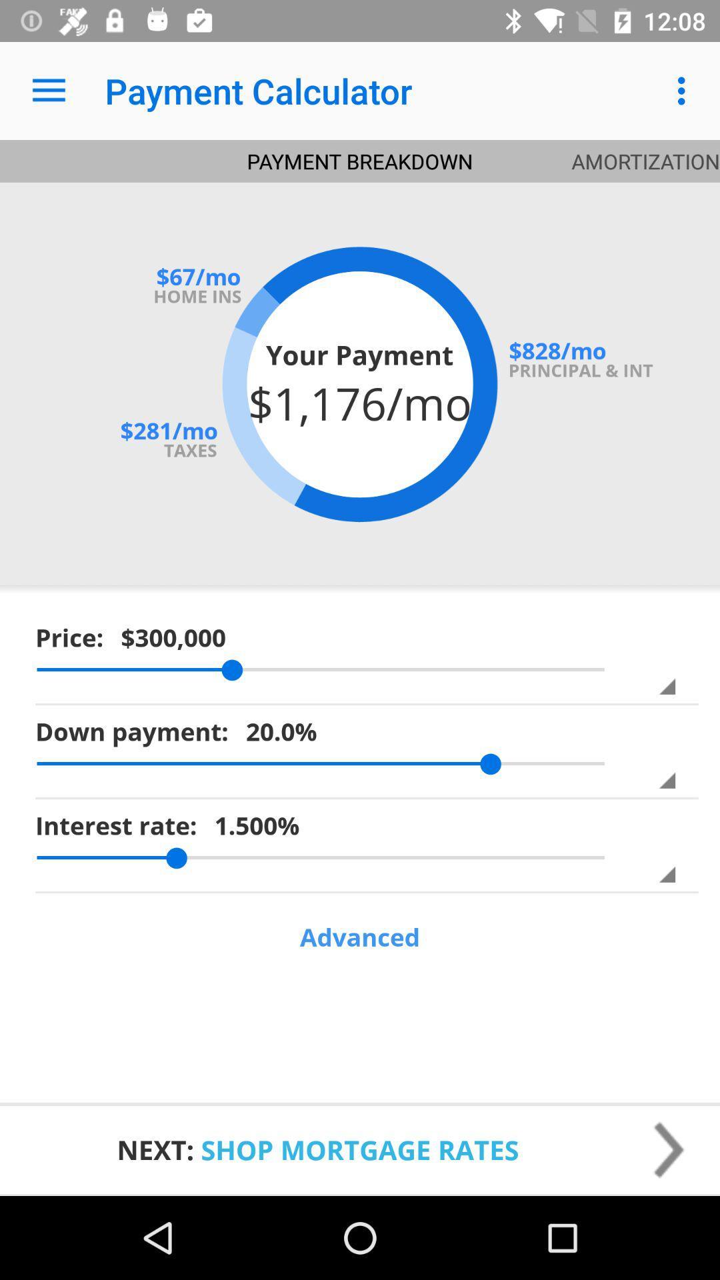 The image size is (720, 1280). Describe the element at coordinates (48, 90) in the screenshot. I see `the icon at the top left corner` at that location.